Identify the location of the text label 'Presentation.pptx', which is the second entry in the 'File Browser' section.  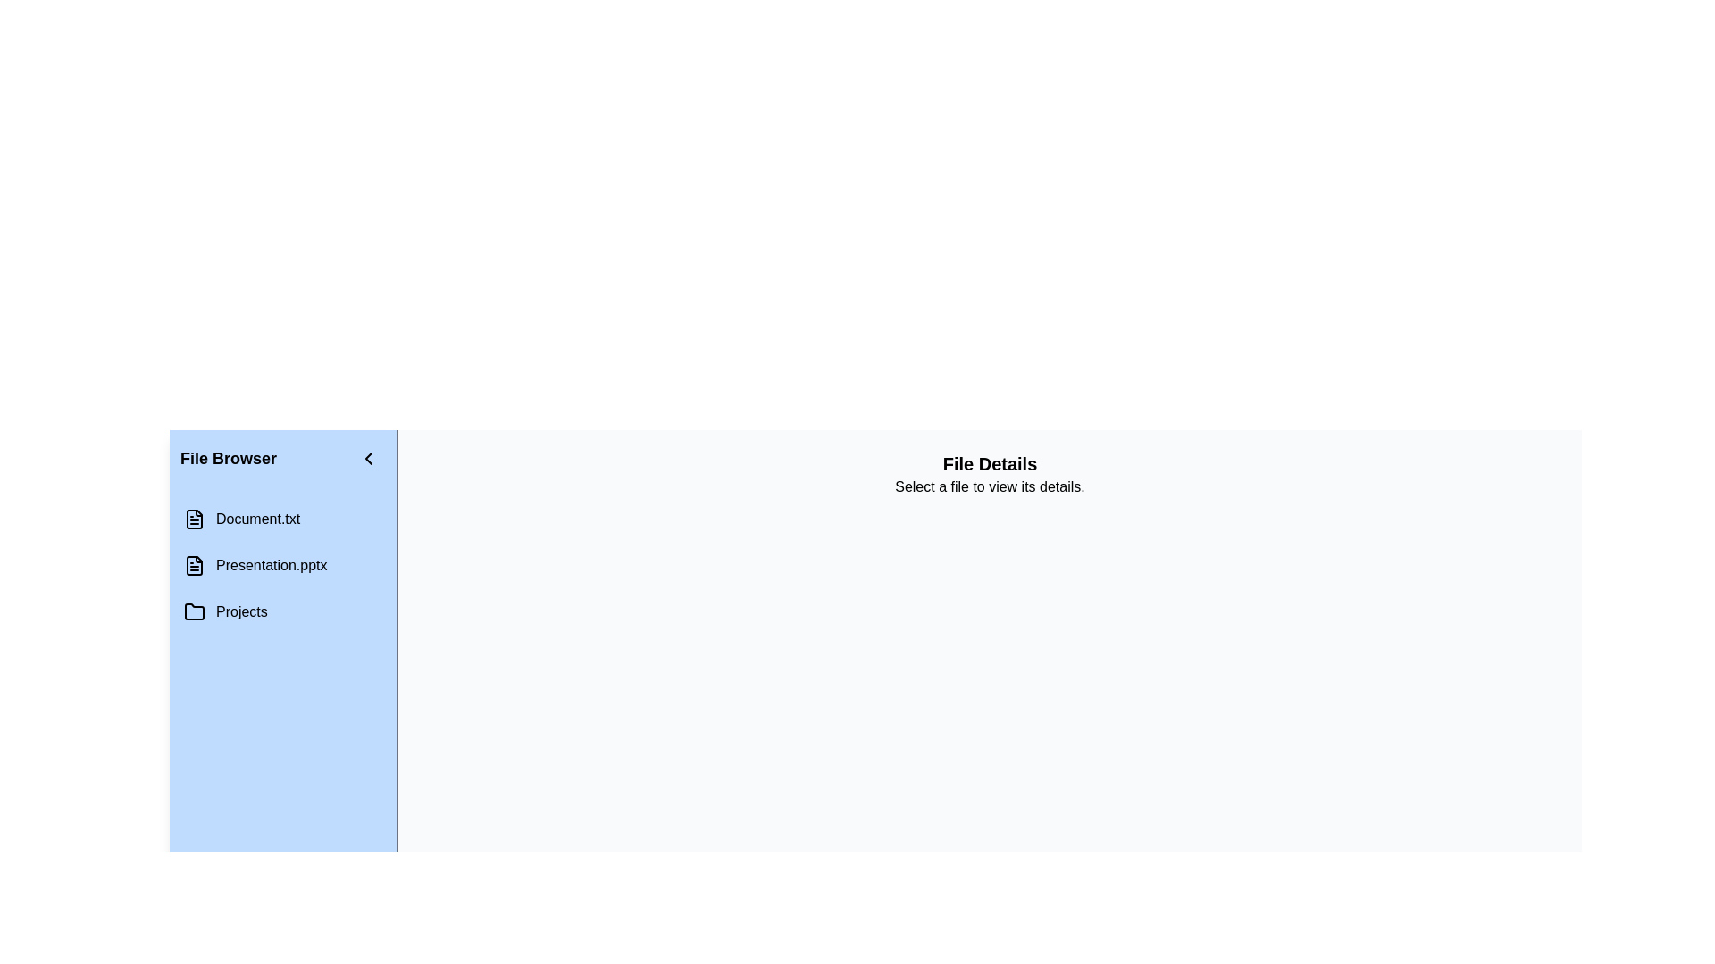
(271, 565).